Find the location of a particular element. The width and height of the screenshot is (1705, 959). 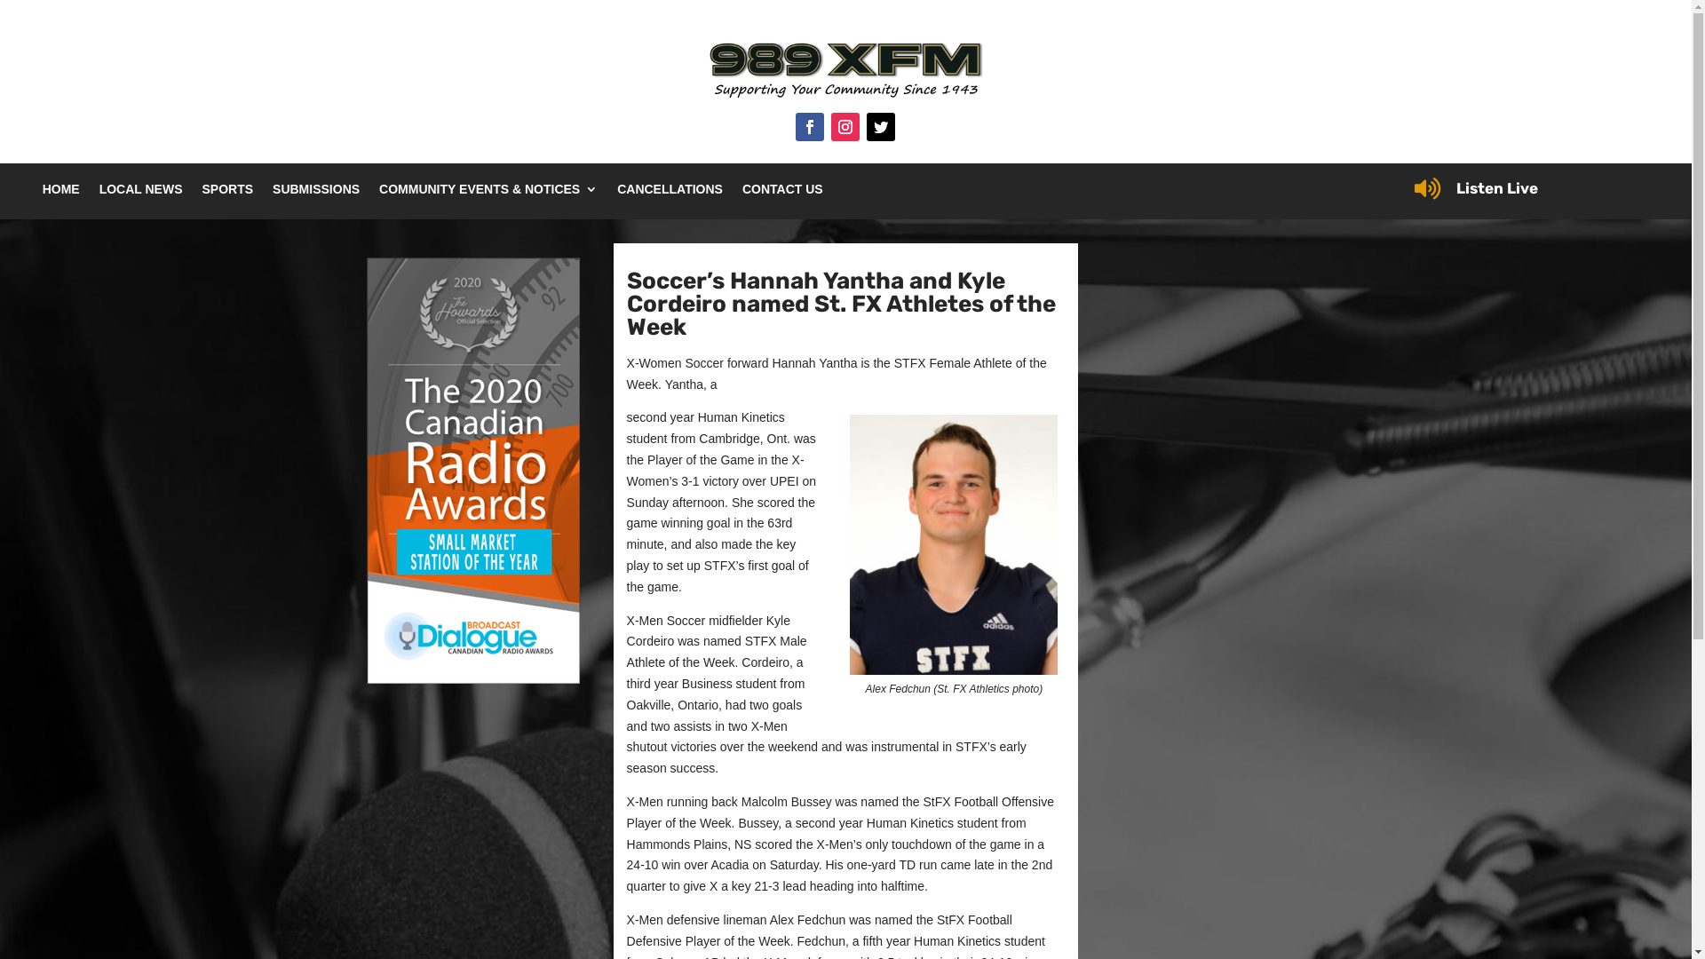

'Follow on Instagram' is located at coordinates (844, 125).